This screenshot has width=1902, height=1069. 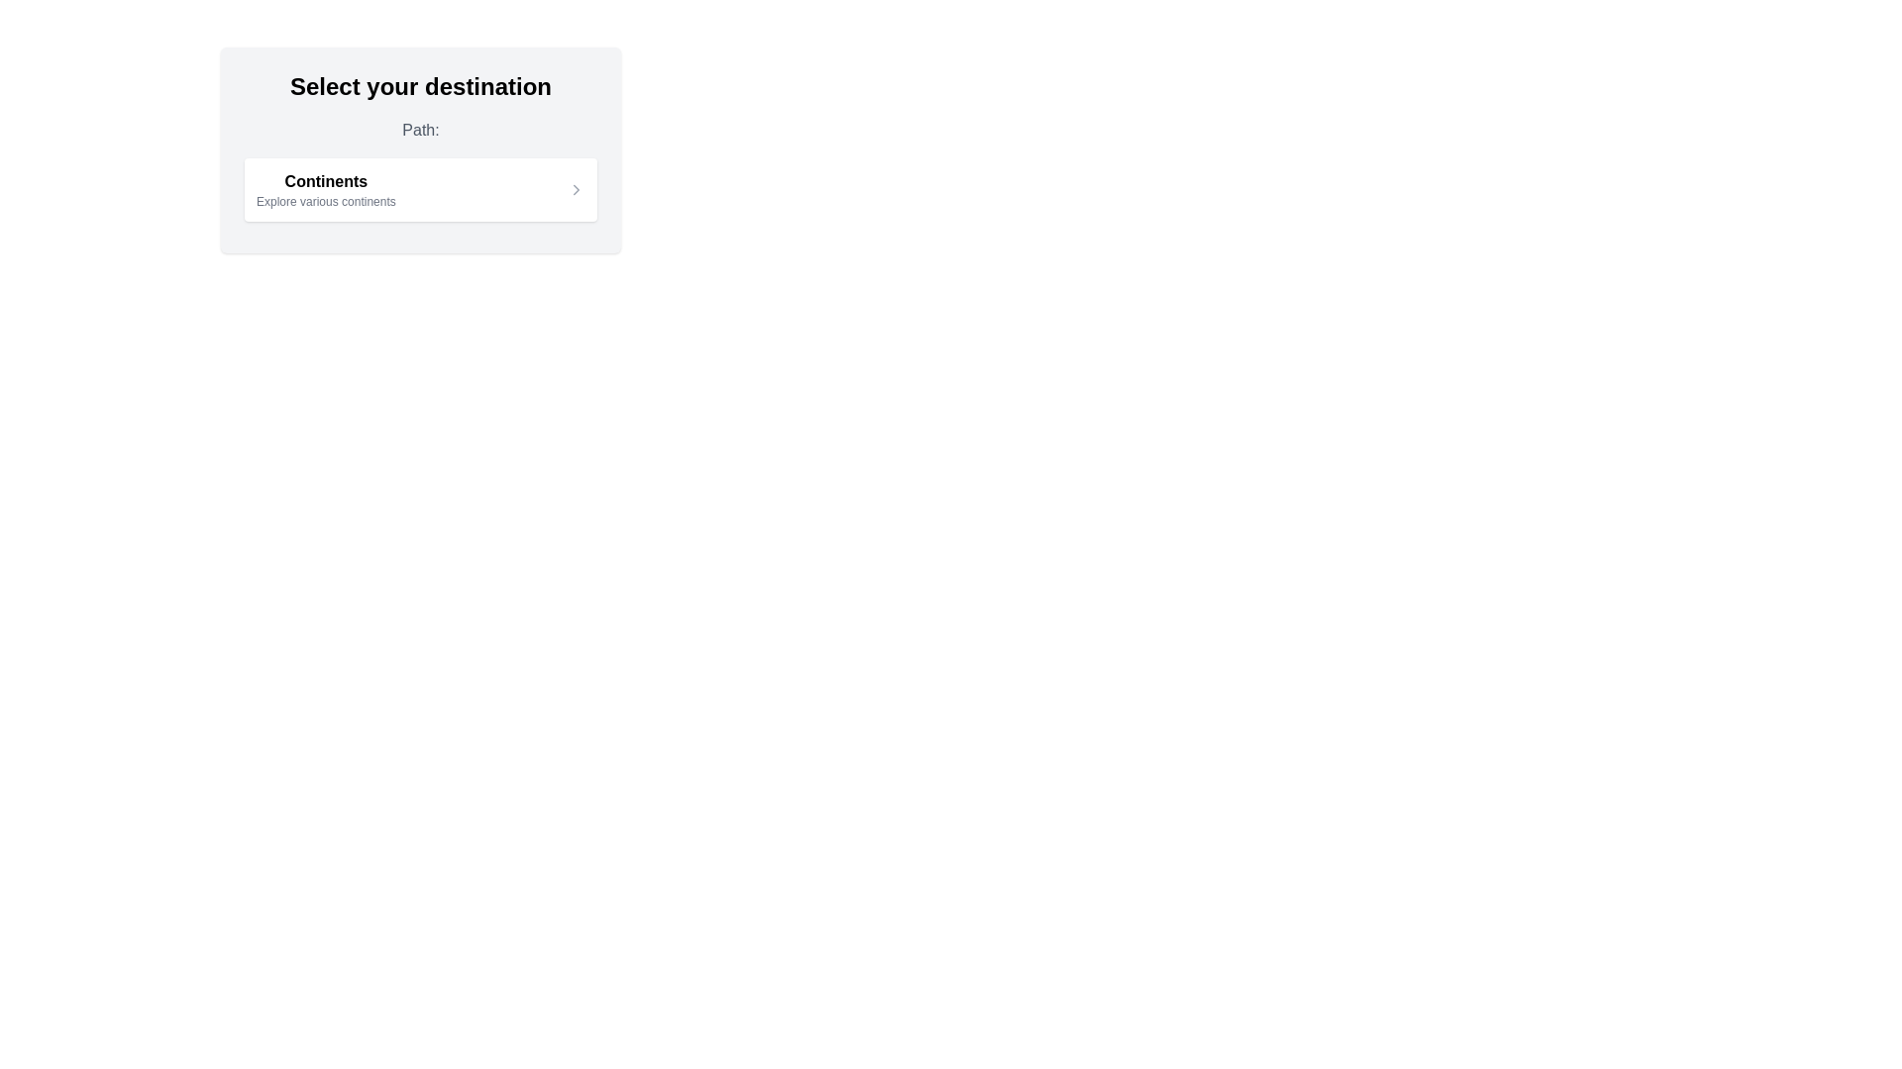 I want to click on the bold text label displaying 'Continents', so click(x=326, y=182).